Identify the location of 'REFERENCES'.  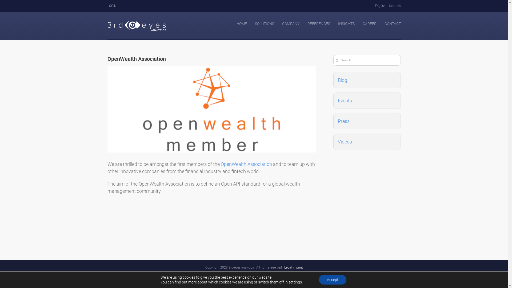
(318, 23).